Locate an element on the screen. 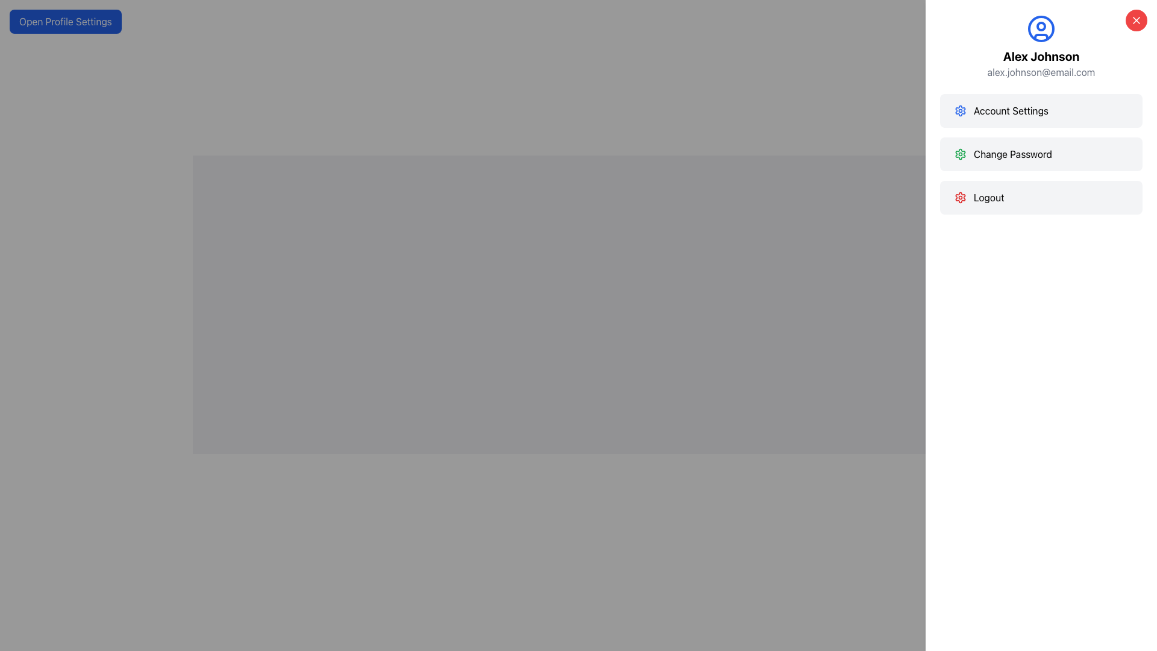 The image size is (1157, 651). the static text display showing the email address 'alex.johnson@email.com', which is light gray and positioned below the name 'Alex Johnson' in the profile card is located at coordinates (1041, 72).